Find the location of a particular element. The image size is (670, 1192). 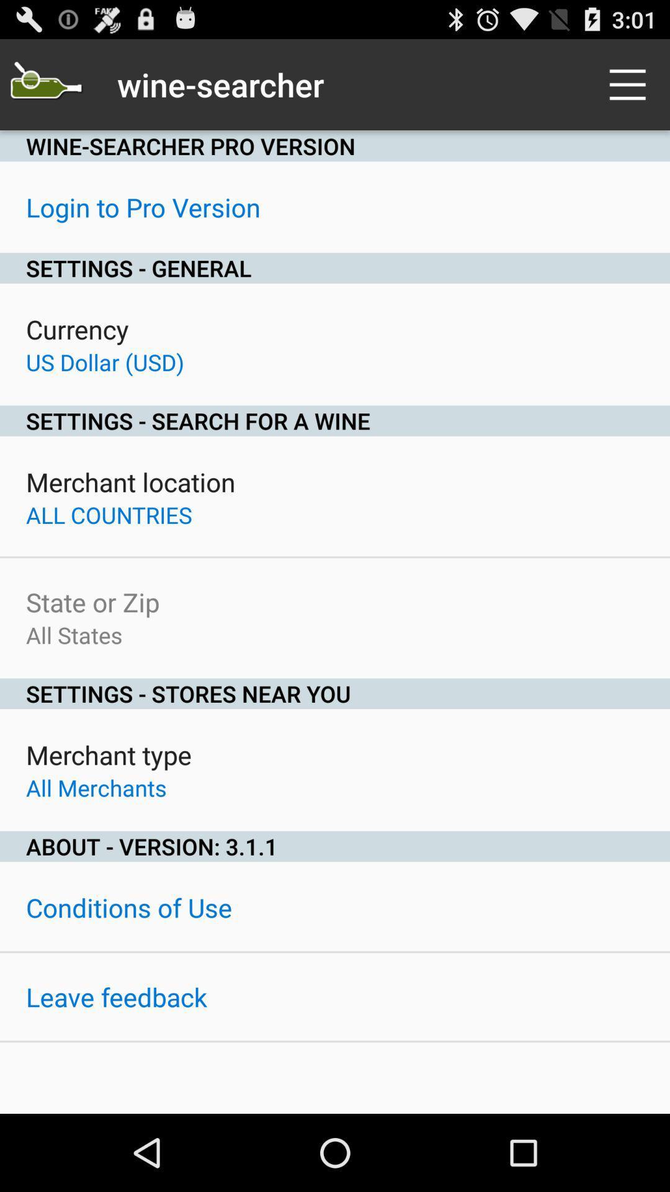

item above wine searcher pro is located at coordinates (45, 84).